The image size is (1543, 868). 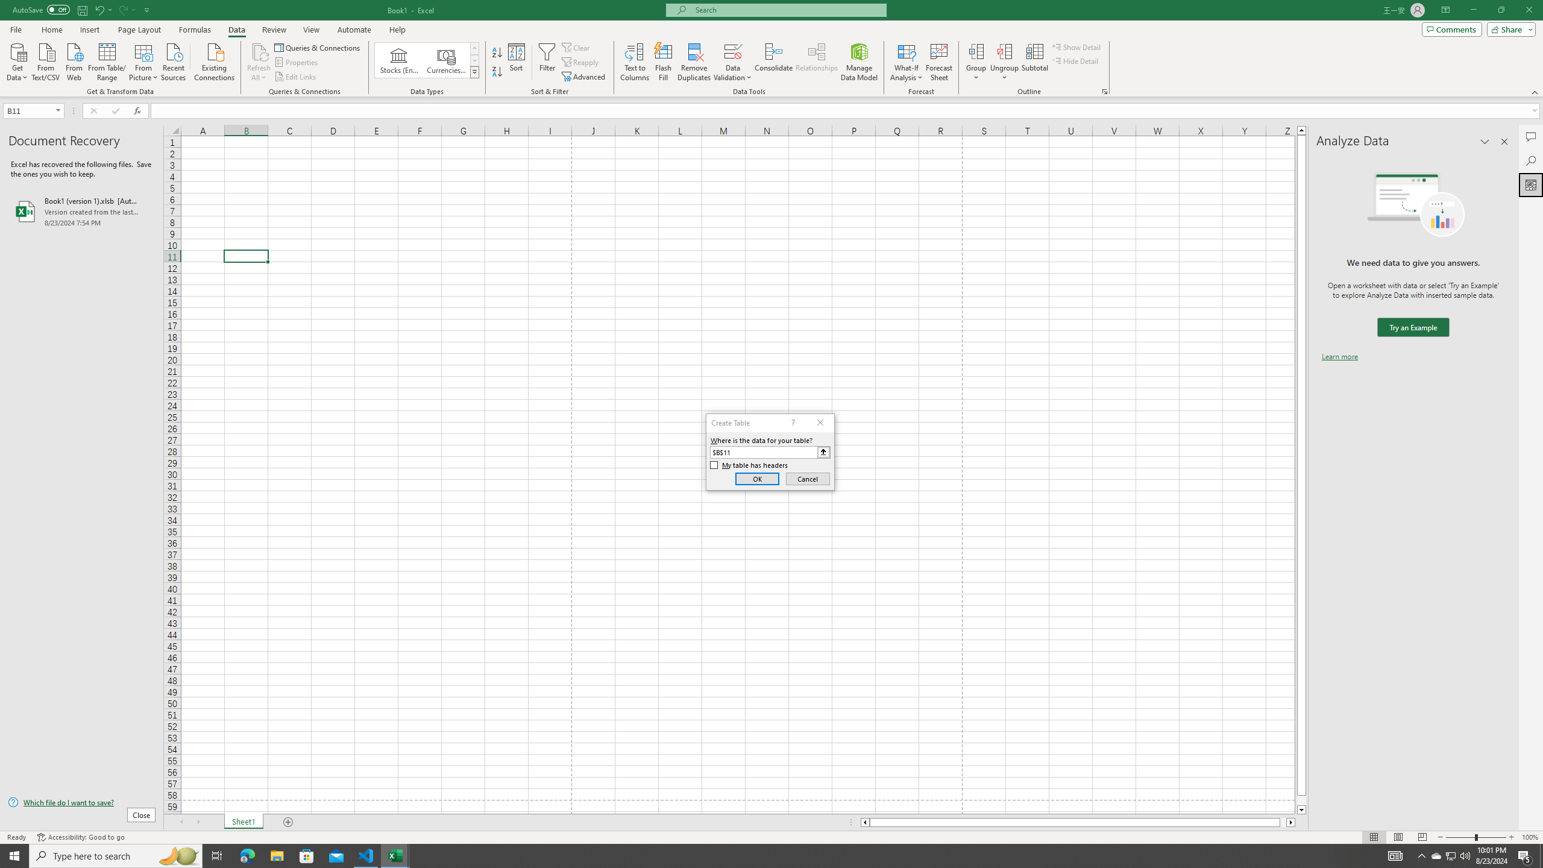 What do you see at coordinates (1412, 327) in the screenshot?
I see `'We need data to give you answers. Try an Example'` at bounding box center [1412, 327].